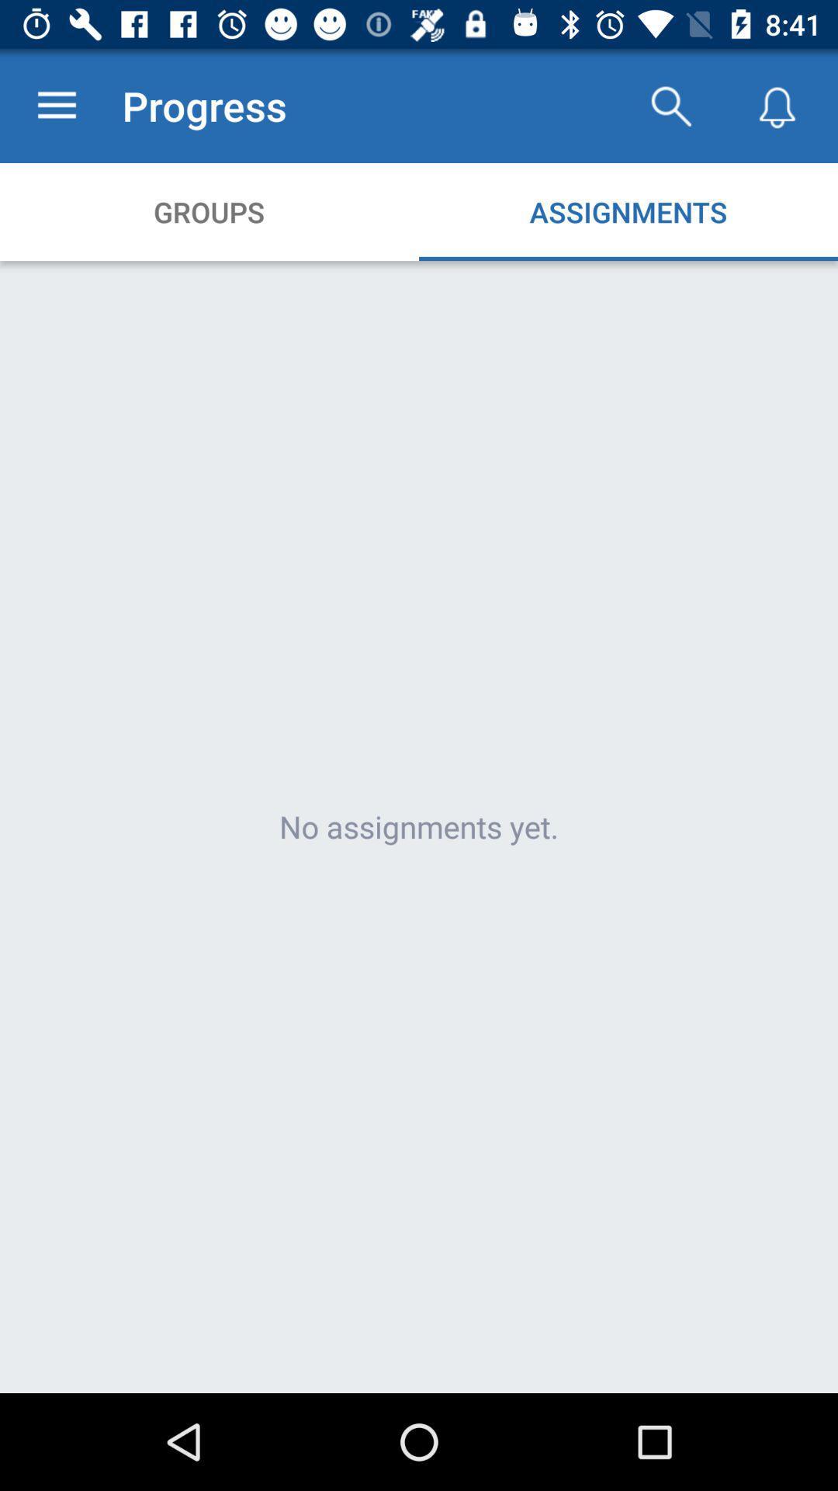  I want to click on item above assignments item, so click(670, 105).